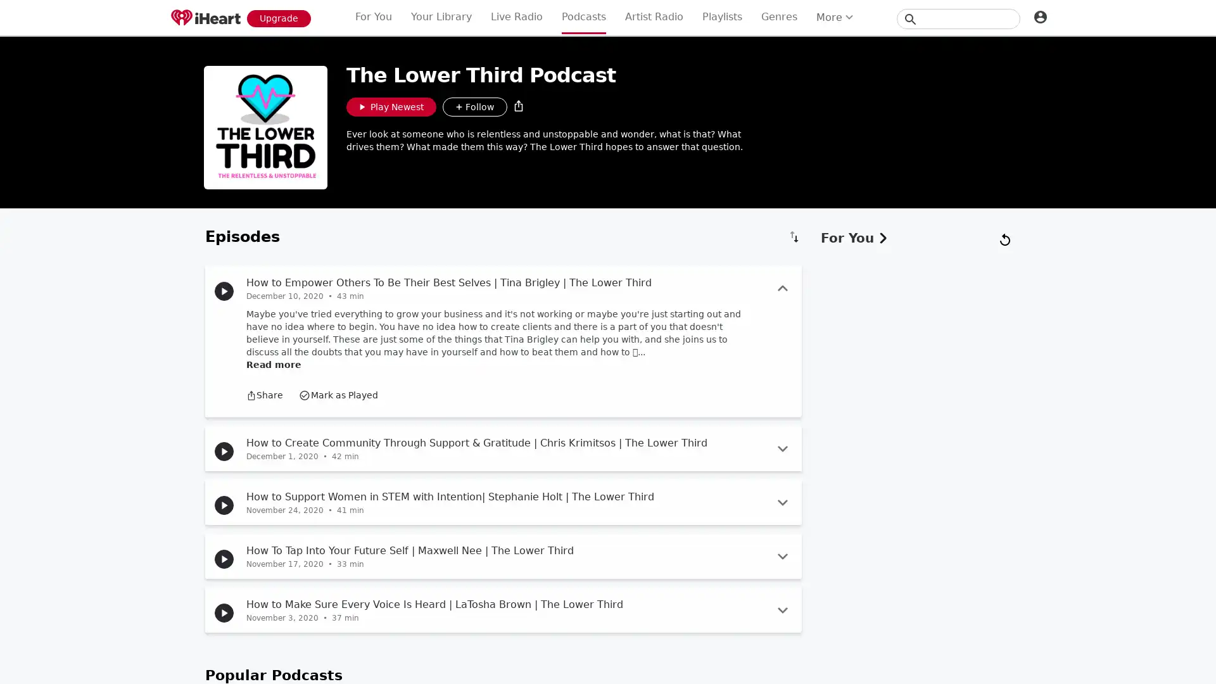 Image resolution: width=1216 pixels, height=684 pixels. What do you see at coordinates (224, 559) in the screenshot?
I see `Play` at bounding box center [224, 559].